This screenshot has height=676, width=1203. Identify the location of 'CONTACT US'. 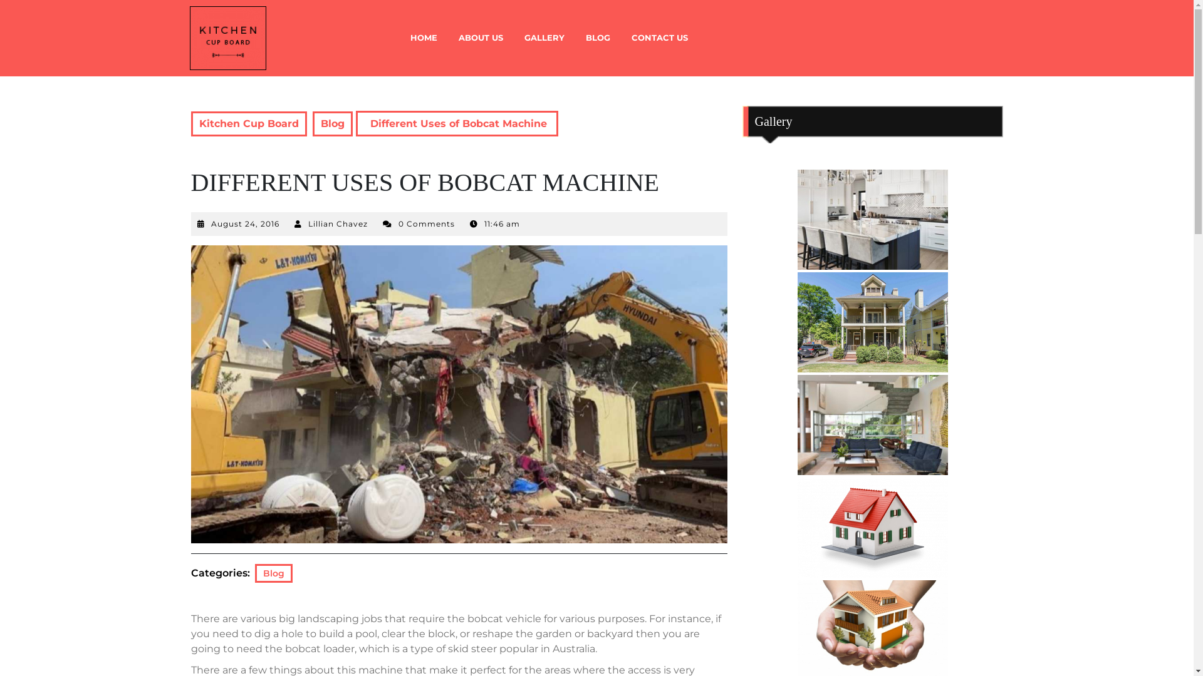
(658, 38).